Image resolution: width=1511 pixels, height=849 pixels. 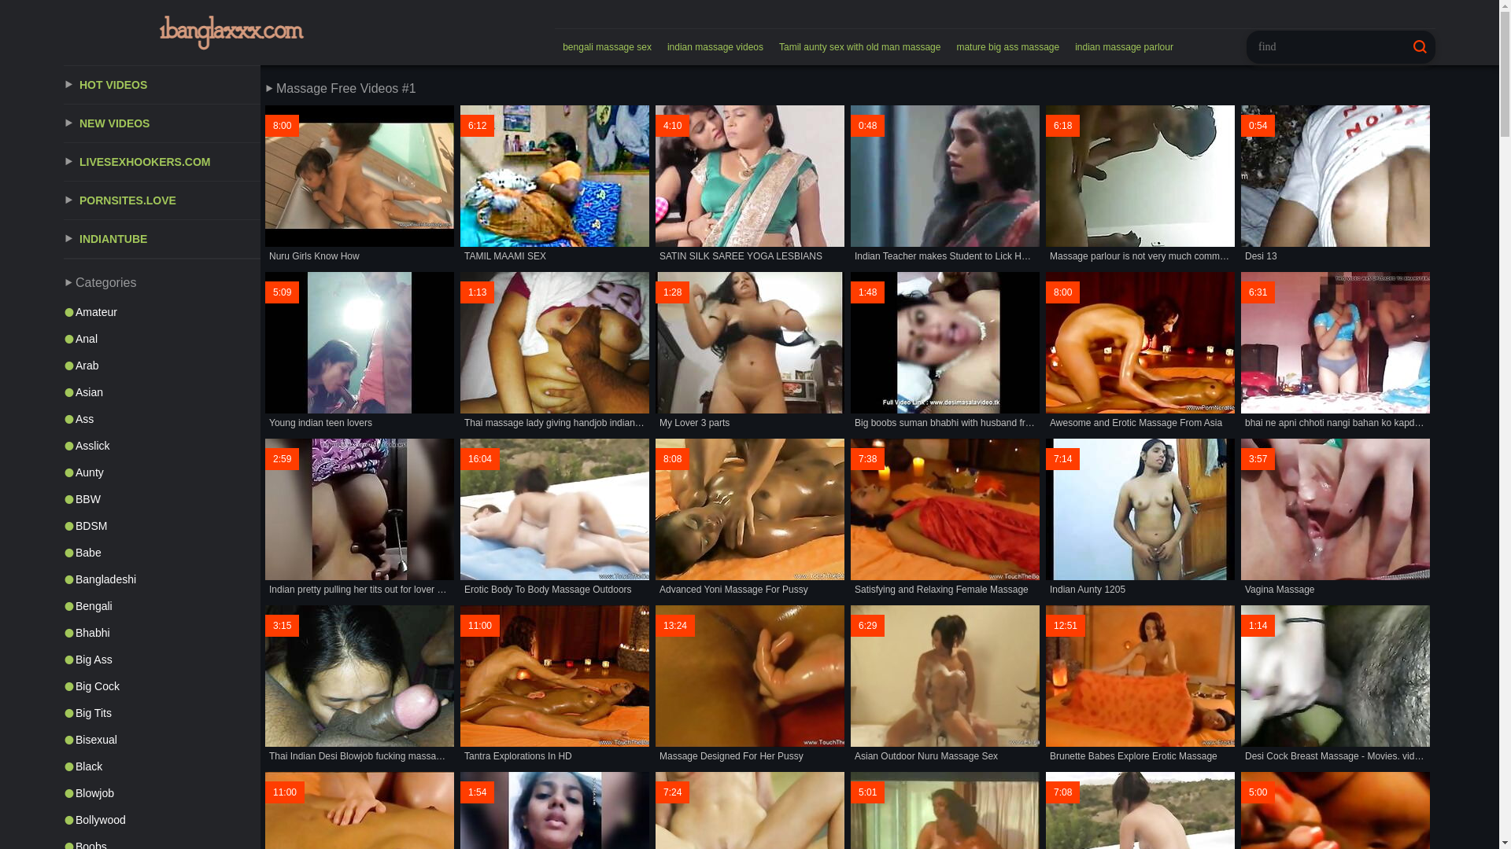 What do you see at coordinates (162, 685) in the screenshot?
I see `'Big Cock'` at bounding box center [162, 685].